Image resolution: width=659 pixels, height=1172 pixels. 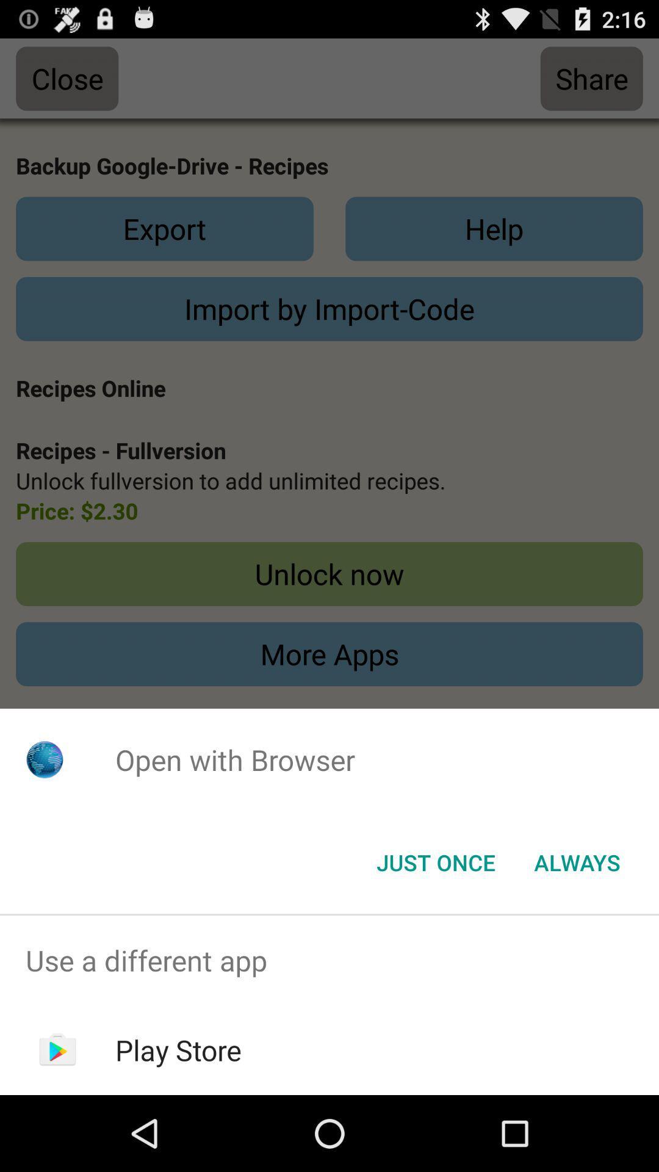 I want to click on item to the left of the always icon, so click(x=435, y=861).